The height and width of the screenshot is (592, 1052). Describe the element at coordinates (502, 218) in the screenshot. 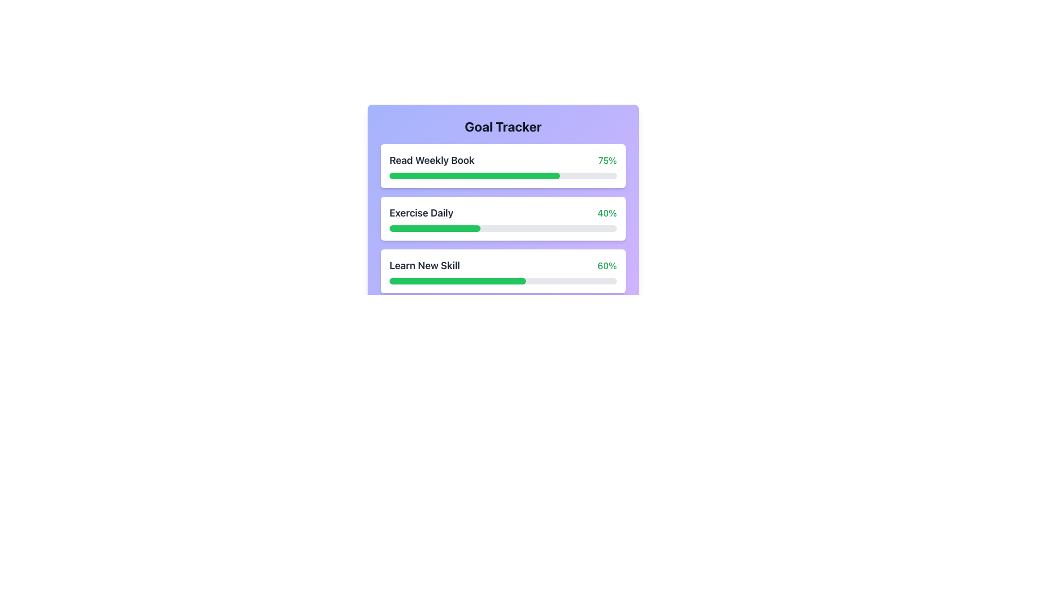

I see `the 'Exercise Daily' progress bar element, which is the second block in the goal tracking interface, styled with a white background and rounded corners` at that location.